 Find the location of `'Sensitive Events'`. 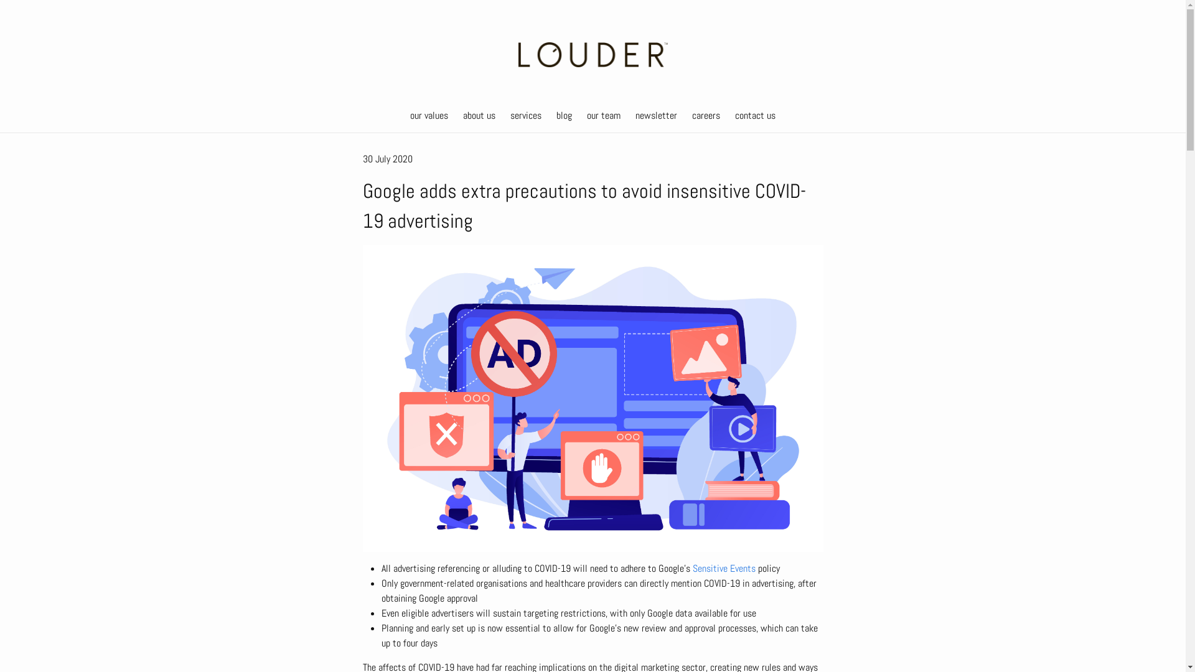

'Sensitive Events' is located at coordinates (723, 568).